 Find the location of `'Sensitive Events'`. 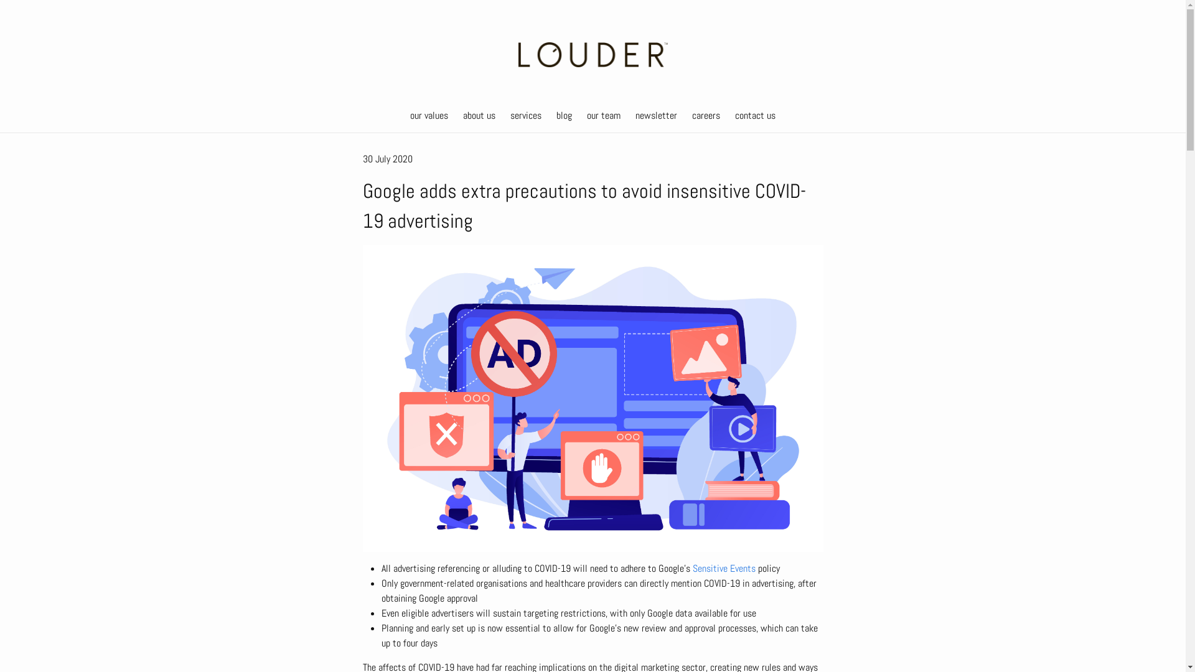

'Sensitive Events' is located at coordinates (723, 568).